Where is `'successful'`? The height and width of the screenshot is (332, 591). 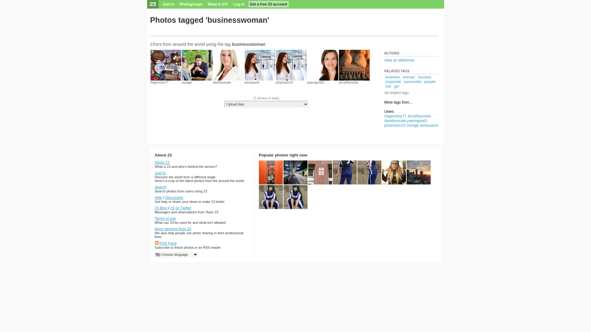 'successful' is located at coordinates (412, 81).